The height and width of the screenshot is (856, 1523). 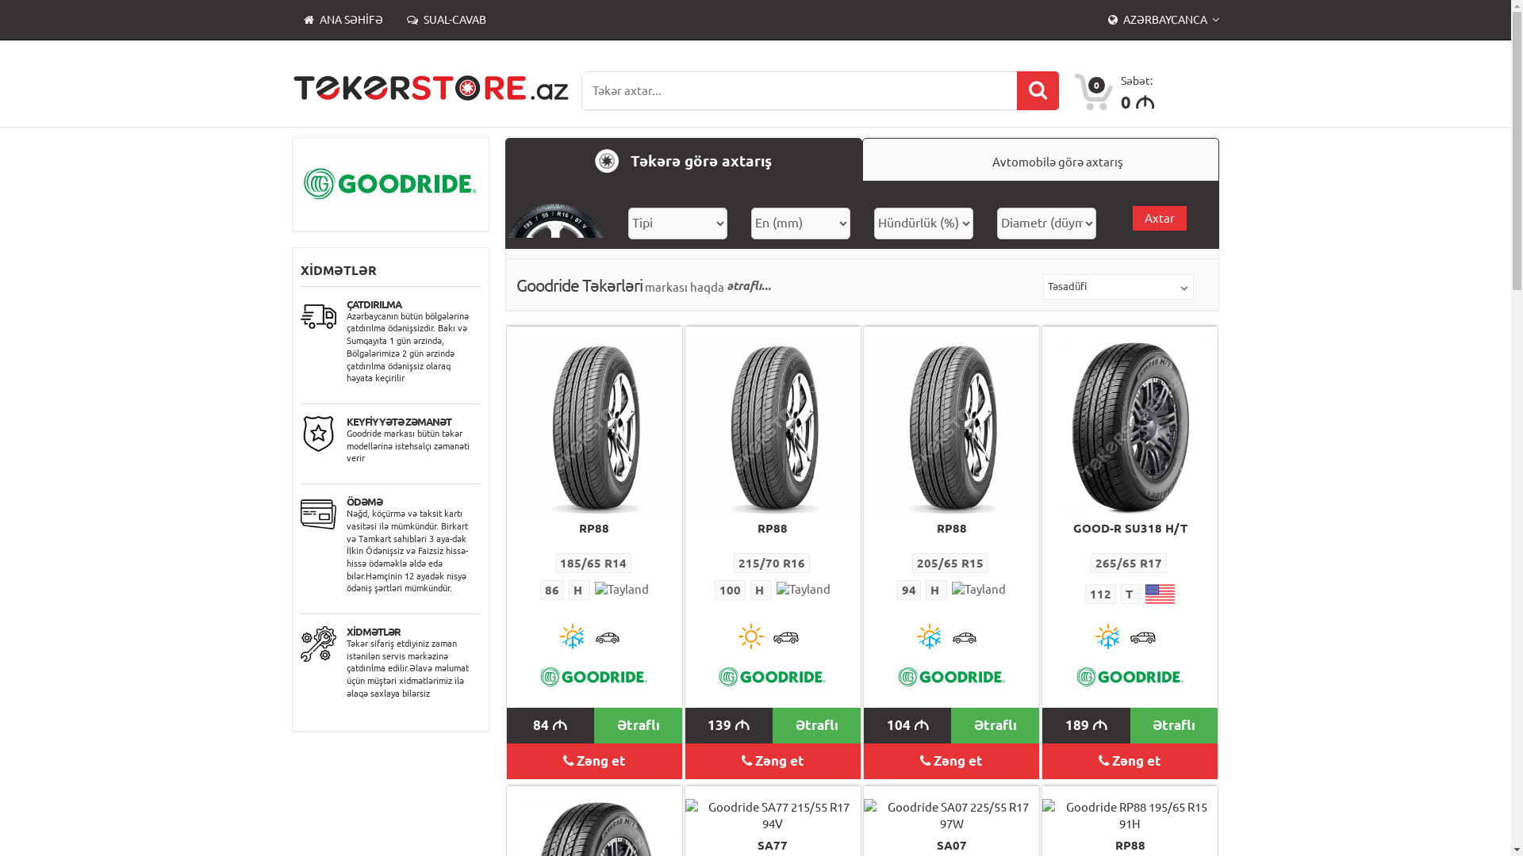 I want to click on 'Goodride RP88 185/65 R14 86H', so click(x=593, y=419).